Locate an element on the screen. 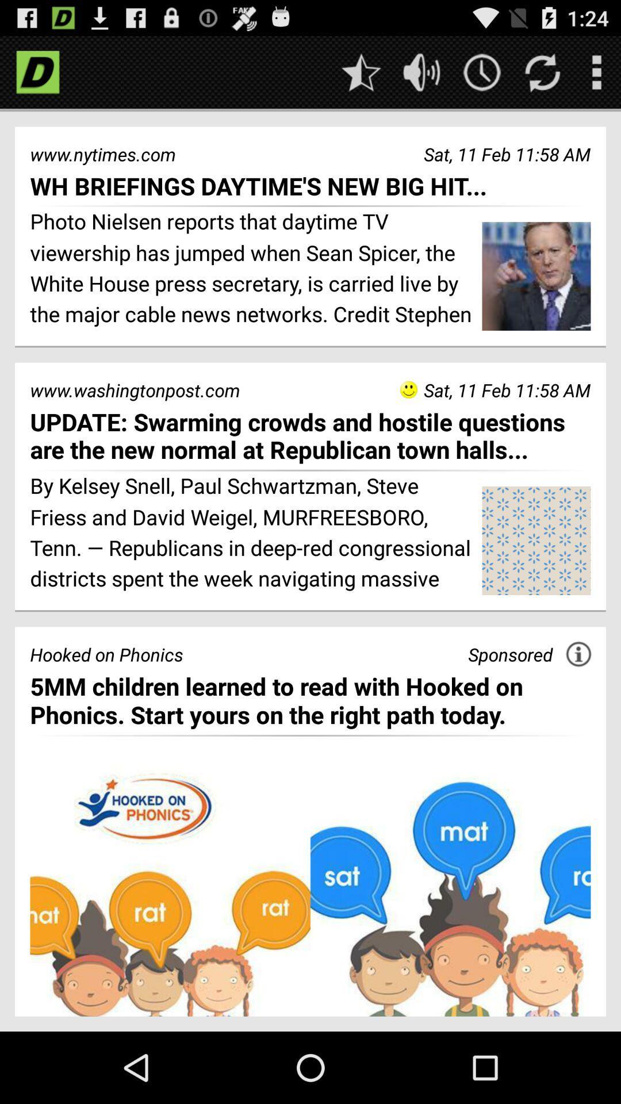 The height and width of the screenshot is (1104, 621). the icon to the right of the www.washingtonpost.com item is located at coordinates (408, 389).